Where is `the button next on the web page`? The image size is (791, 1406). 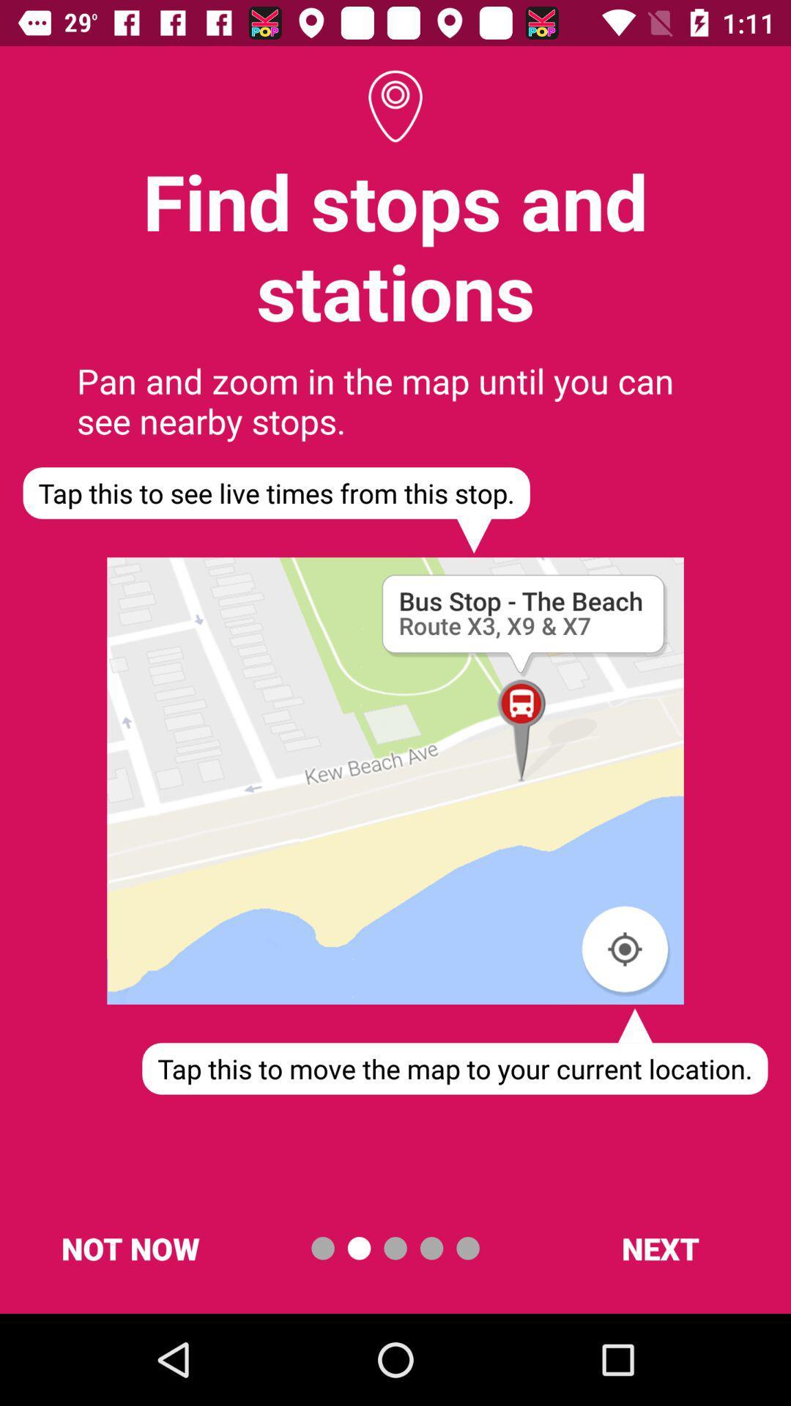 the button next on the web page is located at coordinates (660, 1247).